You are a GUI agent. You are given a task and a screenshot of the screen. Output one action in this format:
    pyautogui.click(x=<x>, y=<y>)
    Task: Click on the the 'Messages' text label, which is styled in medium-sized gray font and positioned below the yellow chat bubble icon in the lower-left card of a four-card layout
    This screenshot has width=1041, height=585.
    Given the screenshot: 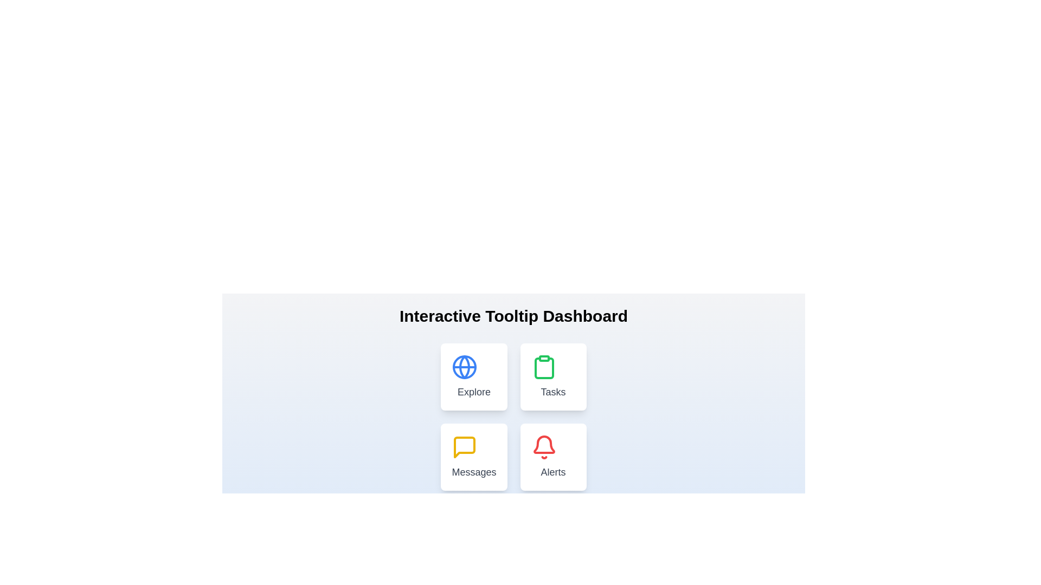 What is the action you would take?
    pyautogui.click(x=474, y=471)
    